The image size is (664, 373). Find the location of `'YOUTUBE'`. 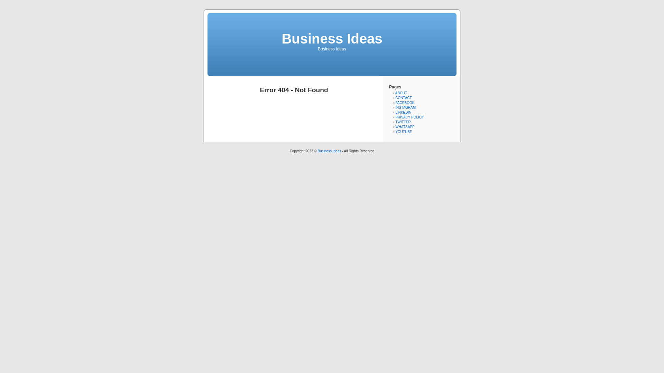

'YOUTUBE' is located at coordinates (403, 132).